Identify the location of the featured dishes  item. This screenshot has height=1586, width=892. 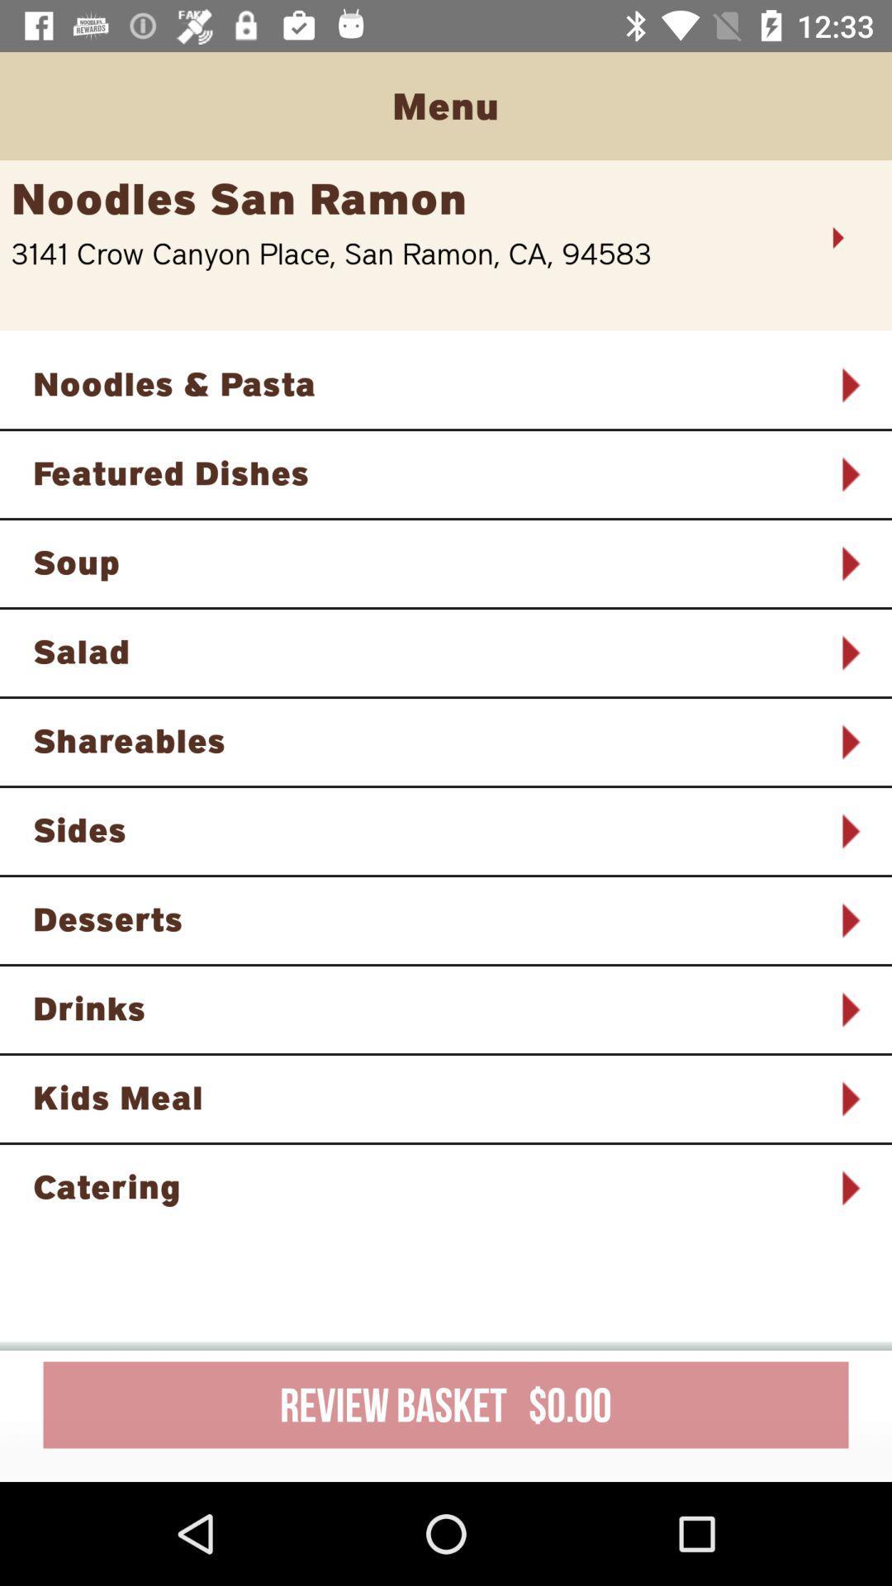
(424, 472).